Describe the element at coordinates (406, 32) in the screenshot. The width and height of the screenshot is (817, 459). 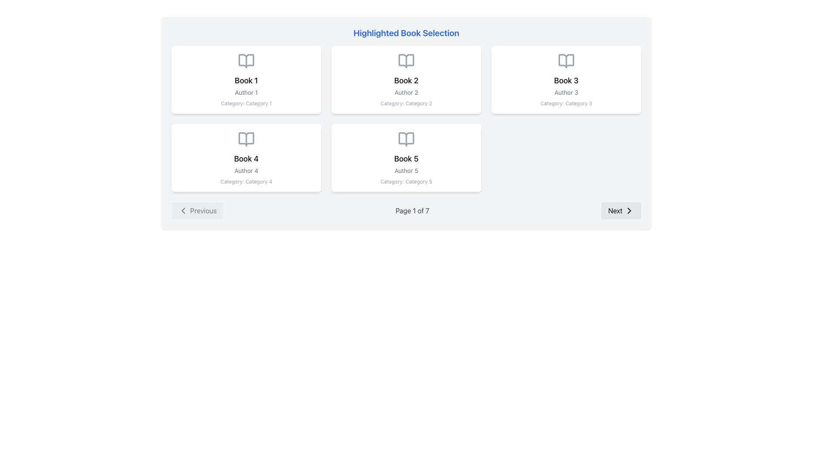
I see `the text header that reads 'Highlighted Book Selection', which is styled in bold blue font and located at the top of the book selection panel` at that location.